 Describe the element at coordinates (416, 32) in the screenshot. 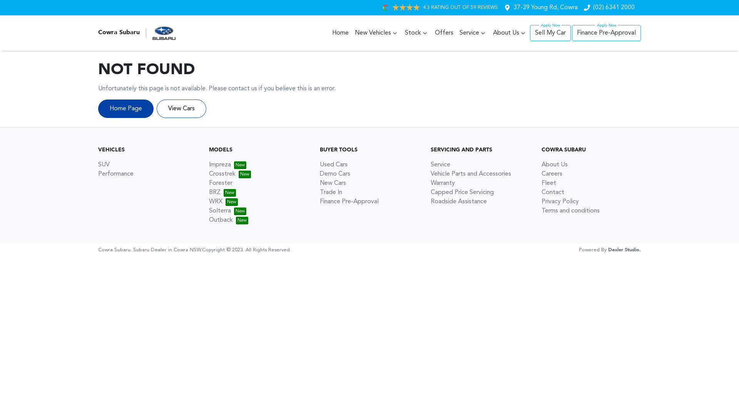

I see `'Stock'` at that location.